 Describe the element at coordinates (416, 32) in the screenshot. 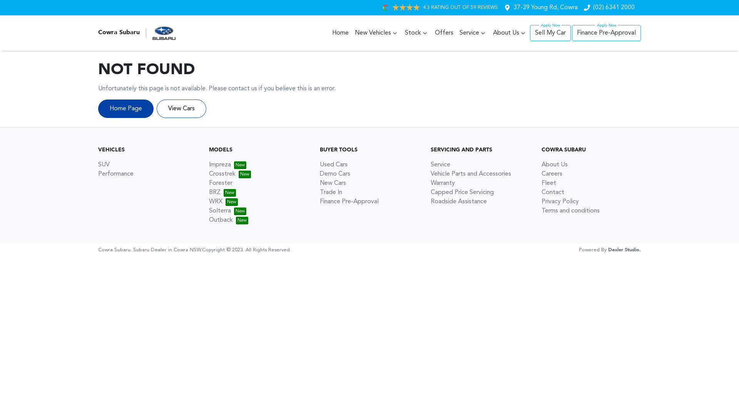

I see `'Stock'` at that location.